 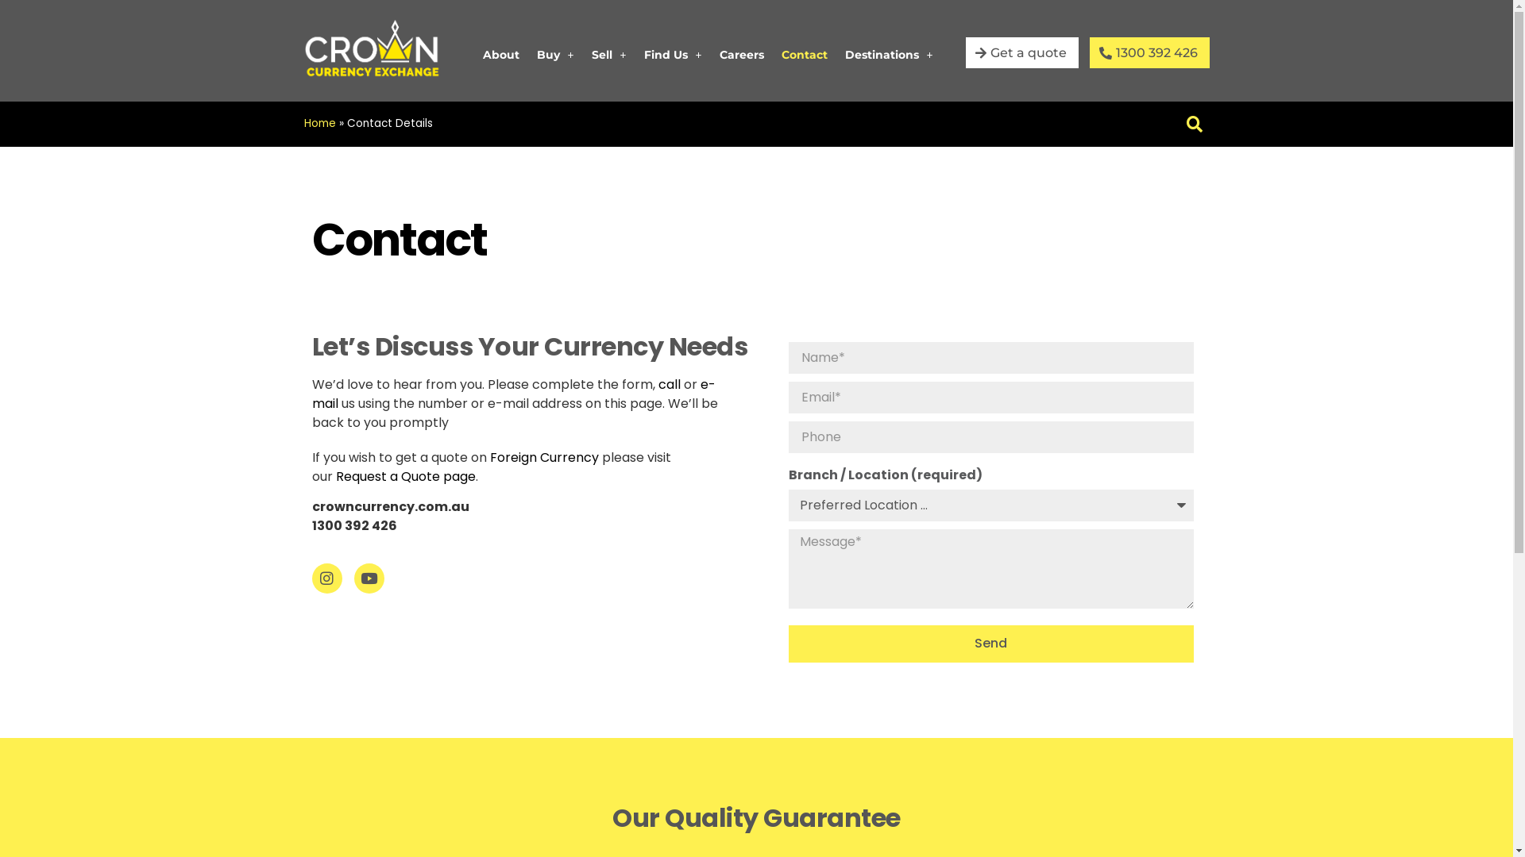 What do you see at coordinates (555, 54) in the screenshot?
I see `'Buy'` at bounding box center [555, 54].